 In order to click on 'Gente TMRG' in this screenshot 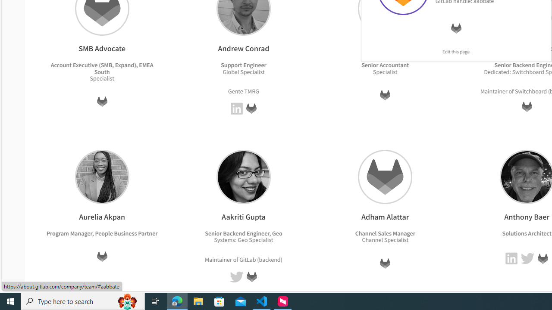, I will do `click(243, 91)`.